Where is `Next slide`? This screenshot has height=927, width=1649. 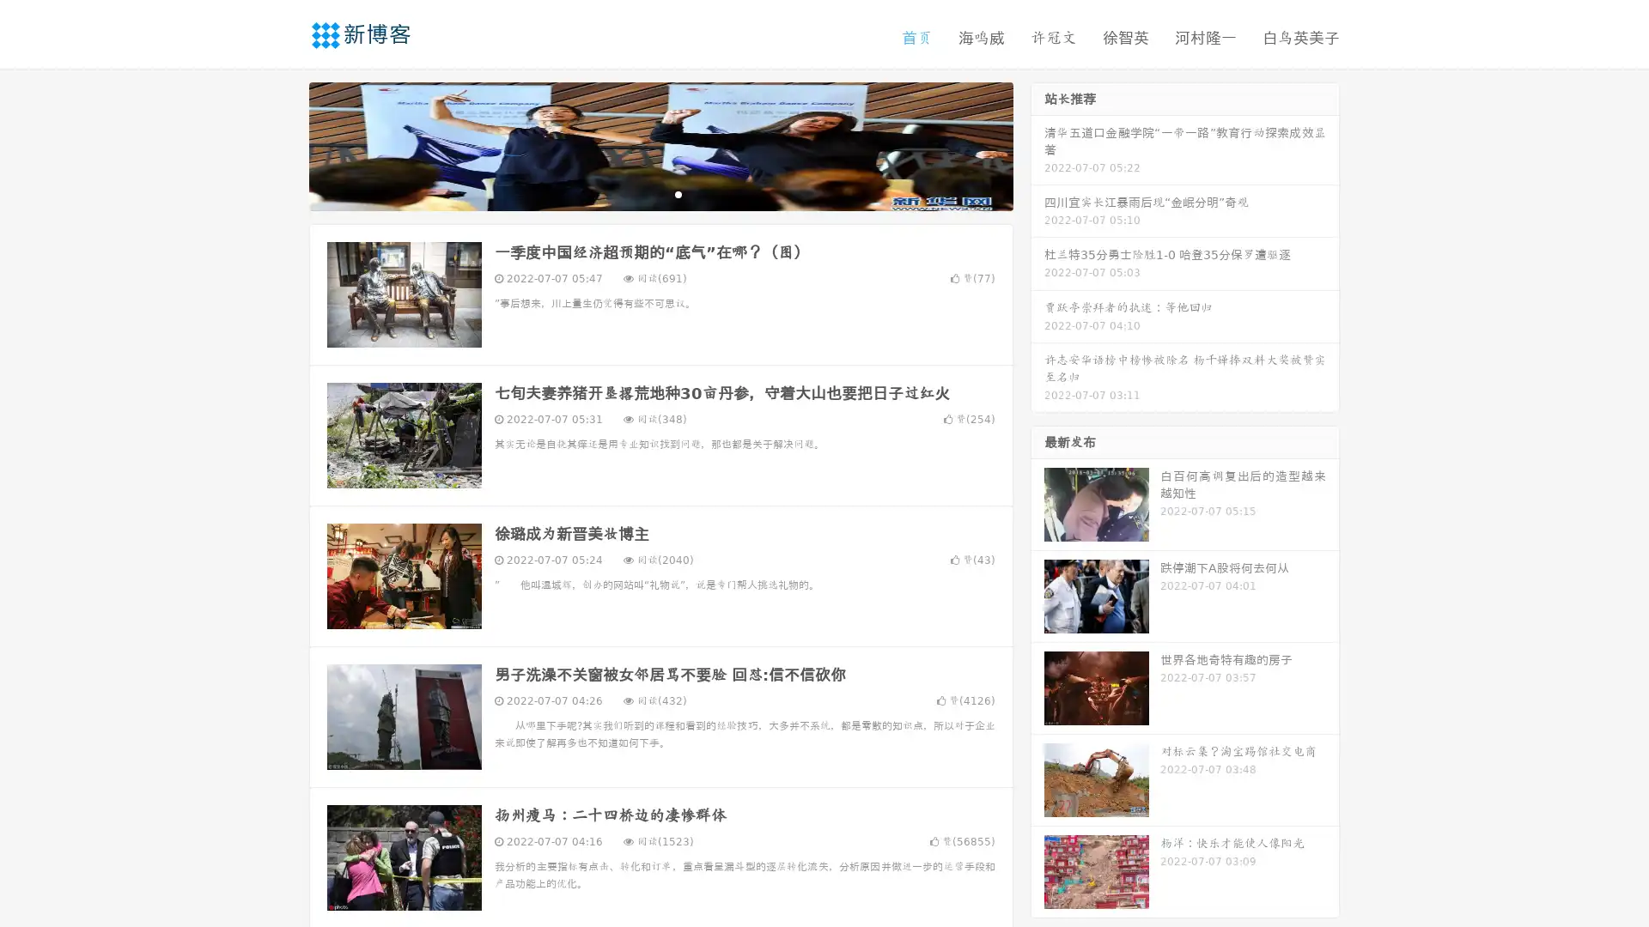 Next slide is located at coordinates (1037, 144).